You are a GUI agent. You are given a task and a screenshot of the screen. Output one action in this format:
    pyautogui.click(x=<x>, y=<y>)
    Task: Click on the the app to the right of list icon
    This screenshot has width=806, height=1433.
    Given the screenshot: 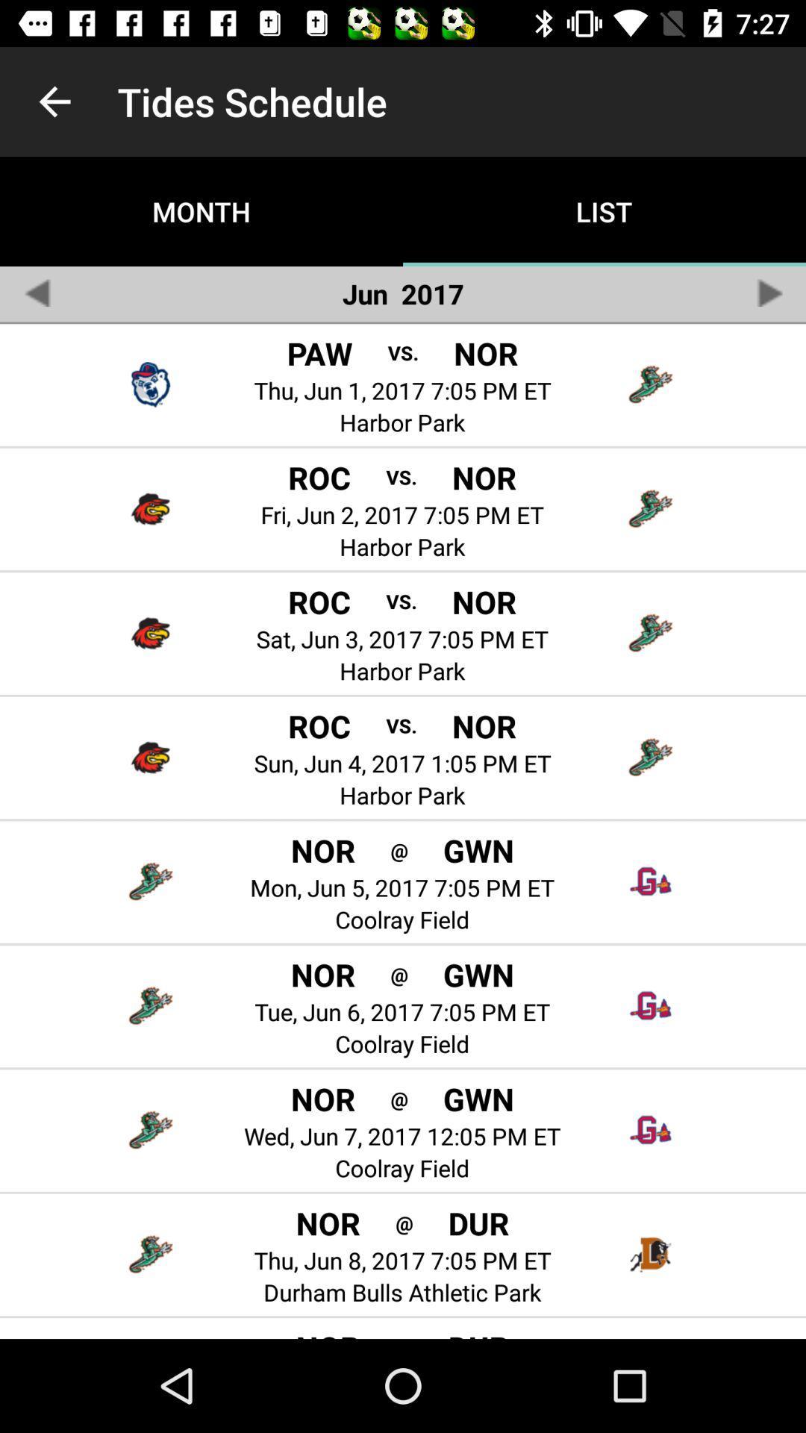 What is the action you would take?
    pyautogui.click(x=769, y=293)
    